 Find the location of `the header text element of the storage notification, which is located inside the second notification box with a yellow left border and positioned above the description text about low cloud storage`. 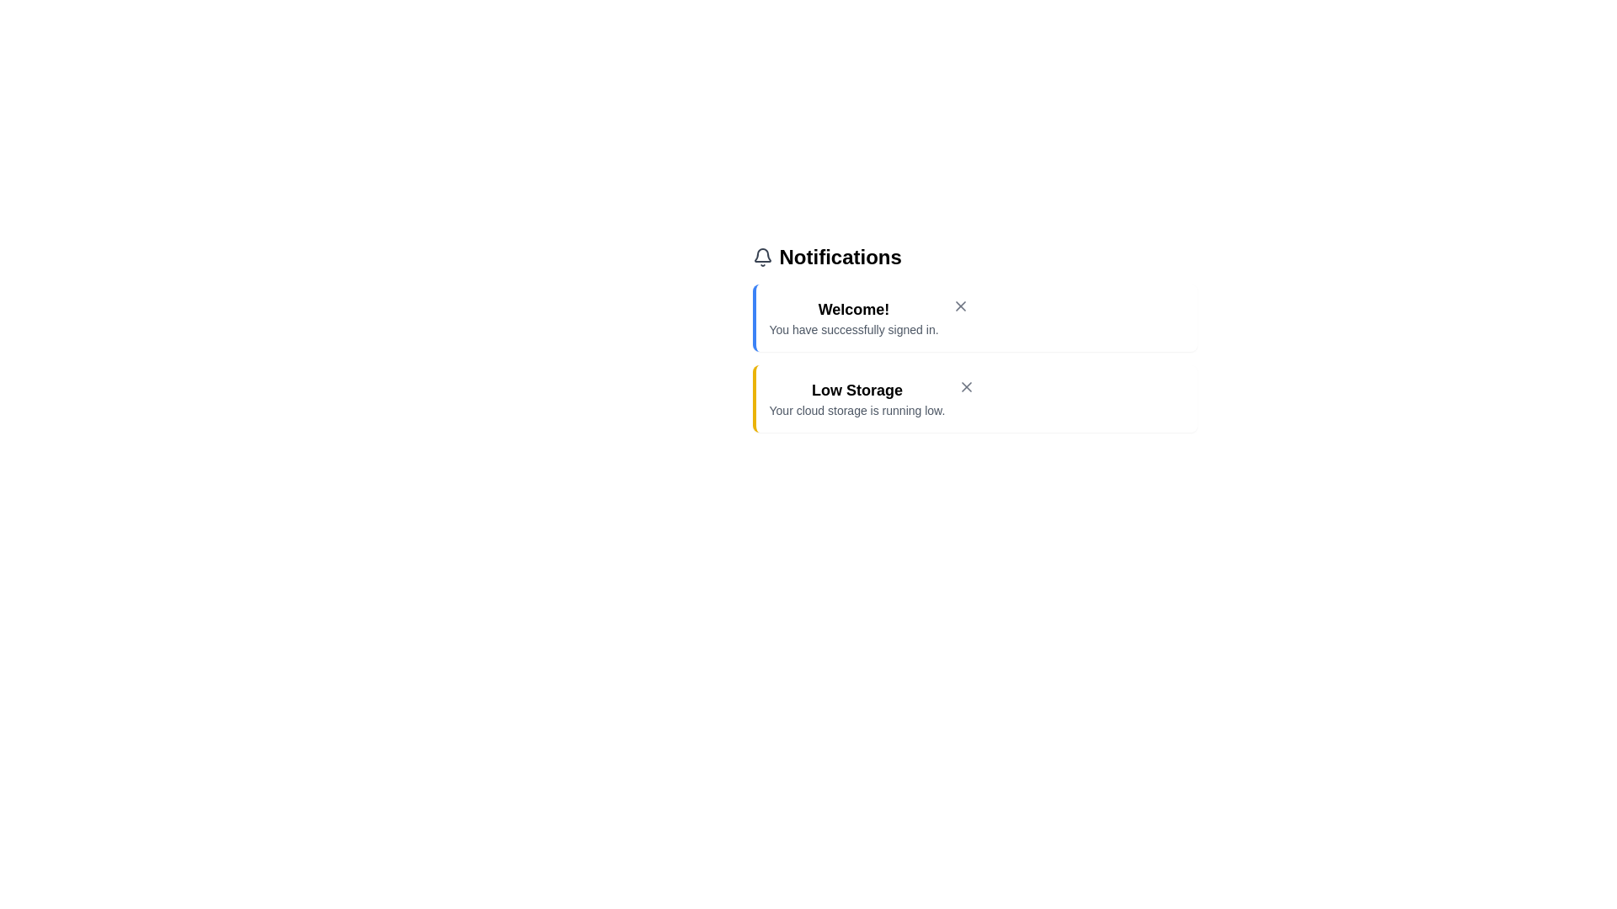

the header text element of the storage notification, which is located inside the second notification box with a yellow left border and positioned above the description text about low cloud storage is located at coordinates (857, 390).